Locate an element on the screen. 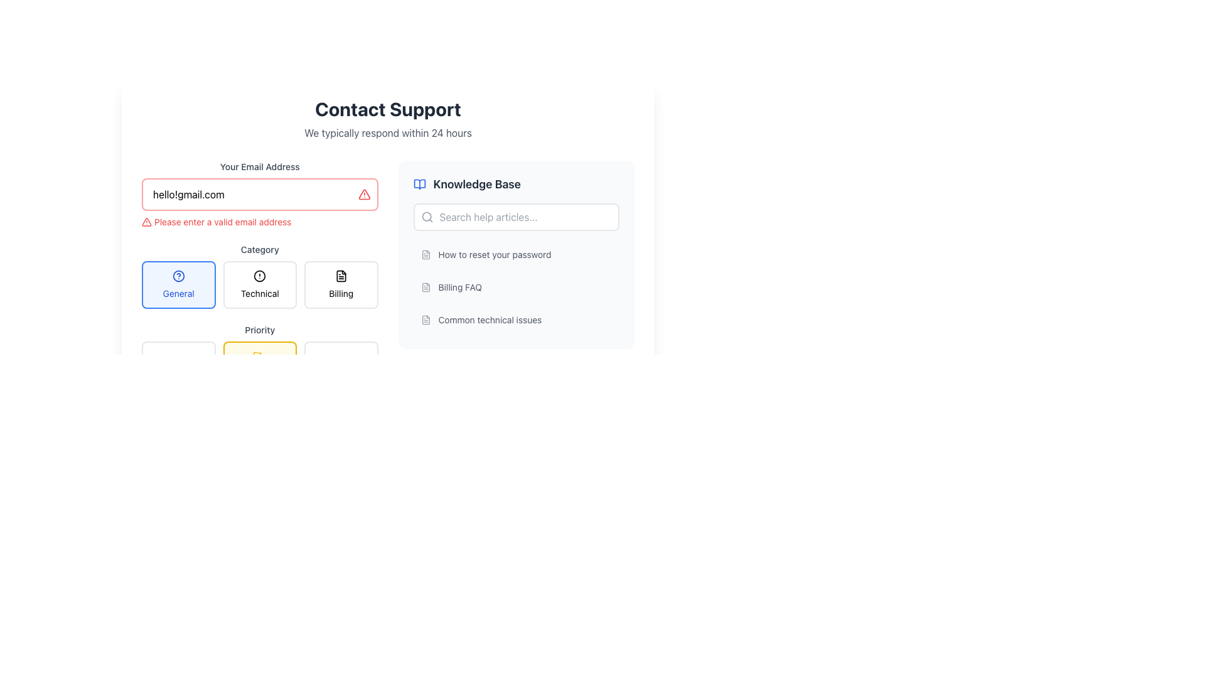  line of text styled in subdued gray color stating 'We typically respond within 24 hours.', which is positioned beneath the heading 'Contact Support.' is located at coordinates (387, 133).